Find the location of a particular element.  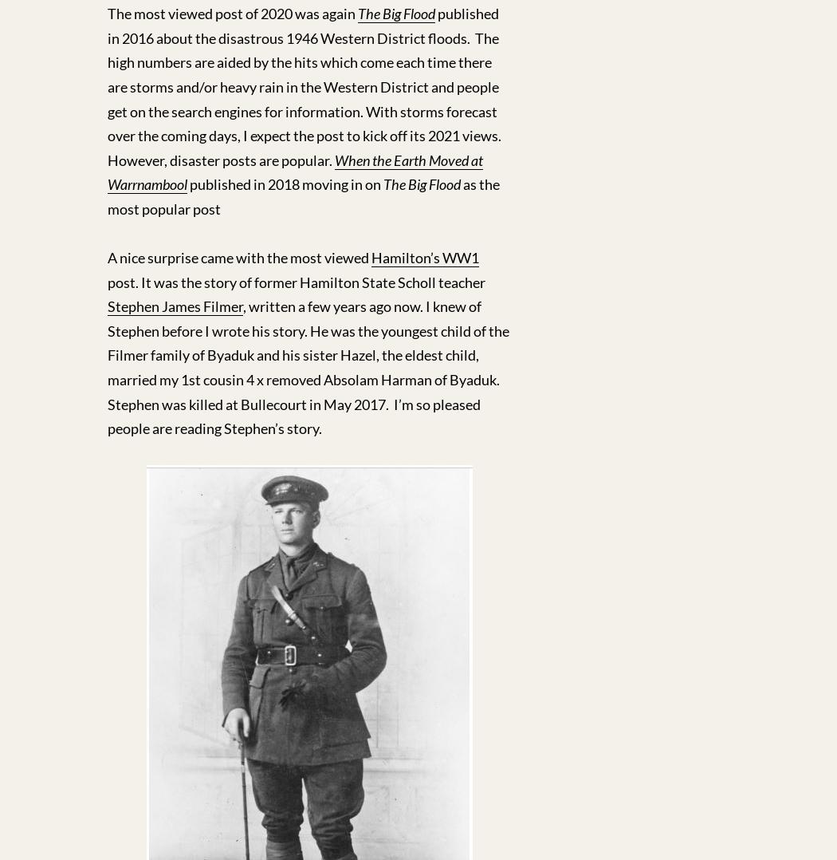

'published in 2018 moving in on' is located at coordinates (187, 184).